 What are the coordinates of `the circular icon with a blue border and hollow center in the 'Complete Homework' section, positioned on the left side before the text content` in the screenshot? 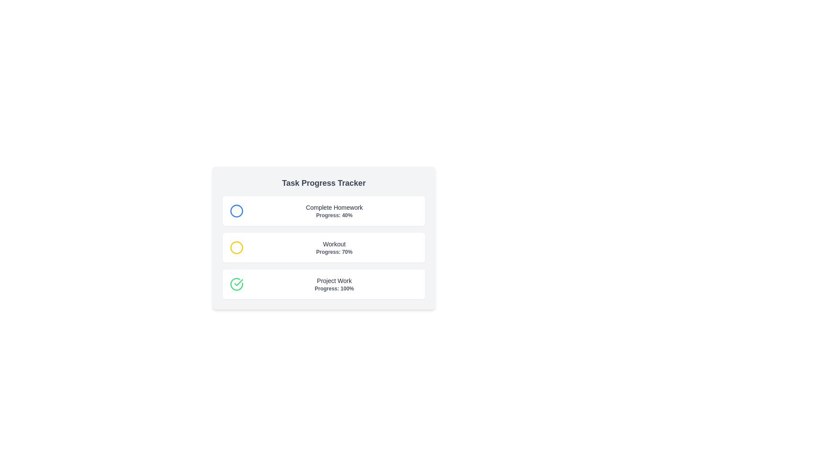 It's located at (236, 211).